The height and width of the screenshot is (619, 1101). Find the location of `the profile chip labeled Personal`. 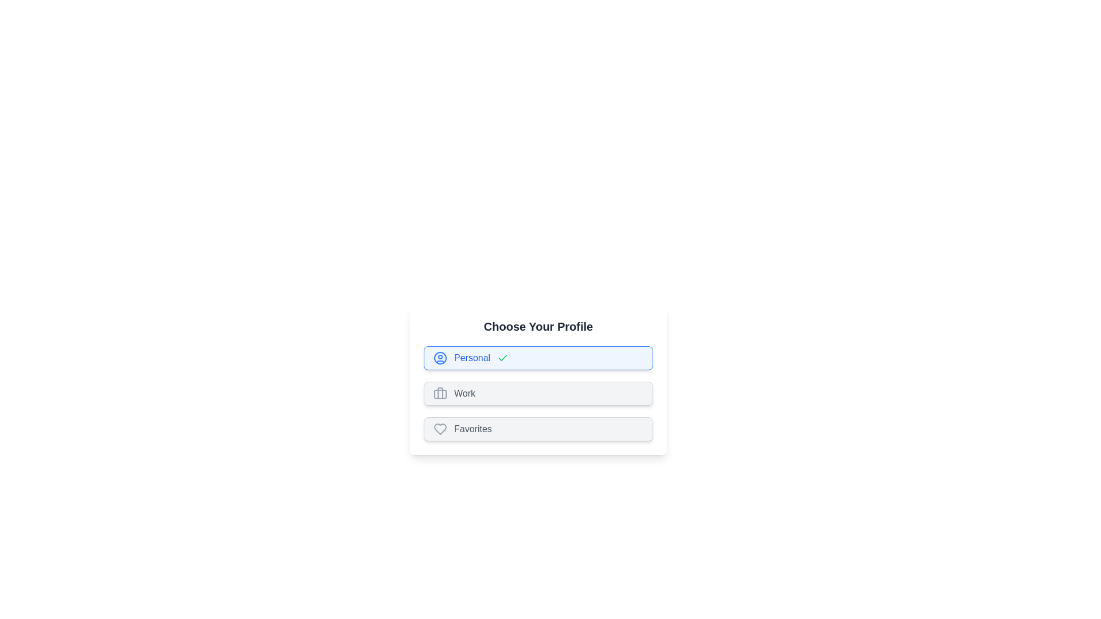

the profile chip labeled Personal is located at coordinates (538, 357).